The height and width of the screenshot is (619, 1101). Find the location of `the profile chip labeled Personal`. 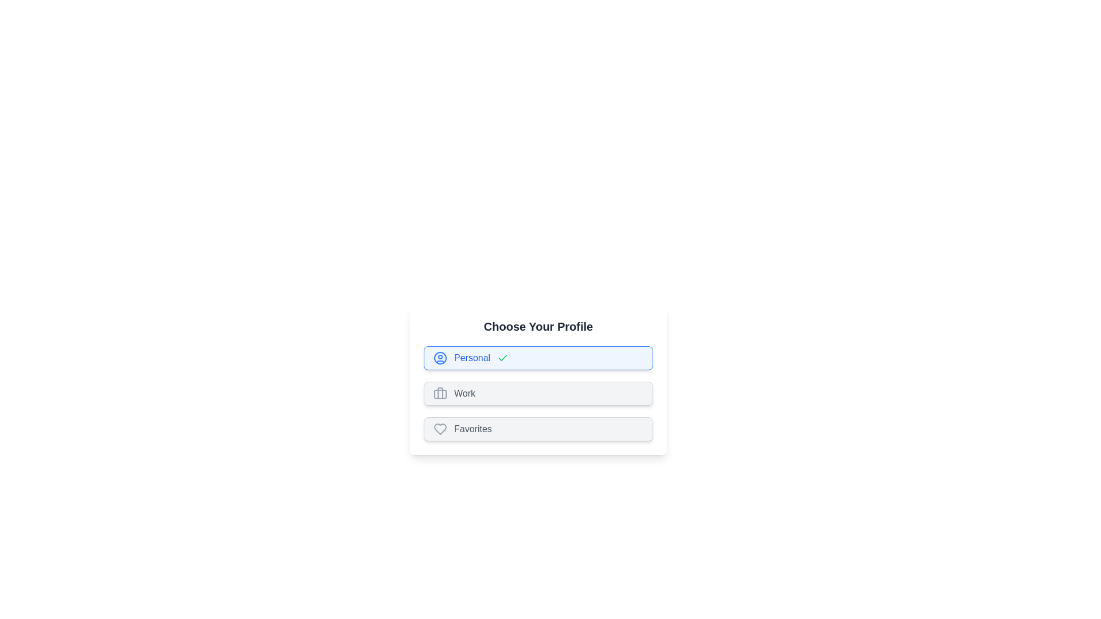

the profile chip labeled Personal is located at coordinates (538, 357).